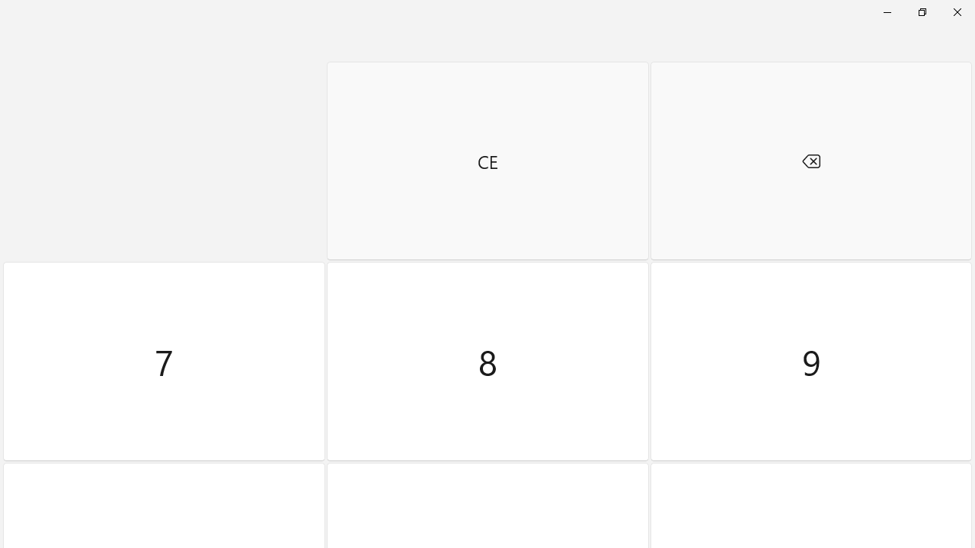 The image size is (975, 548). I want to click on 'Nine', so click(810, 362).